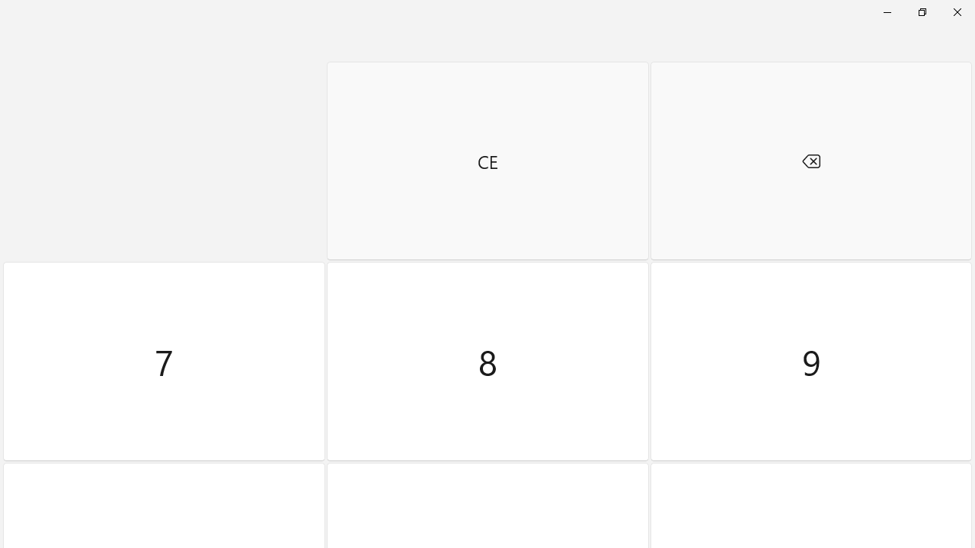 The image size is (975, 548). I want to click on 'Nine', so click(810, 362).